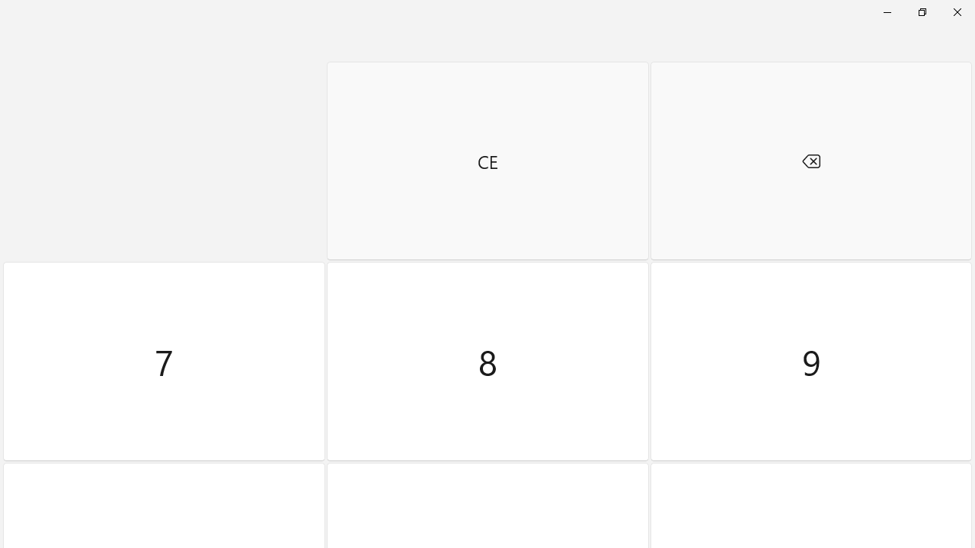 The image size is (975, 548). I want to click on 'Nine', so click(810, 362).